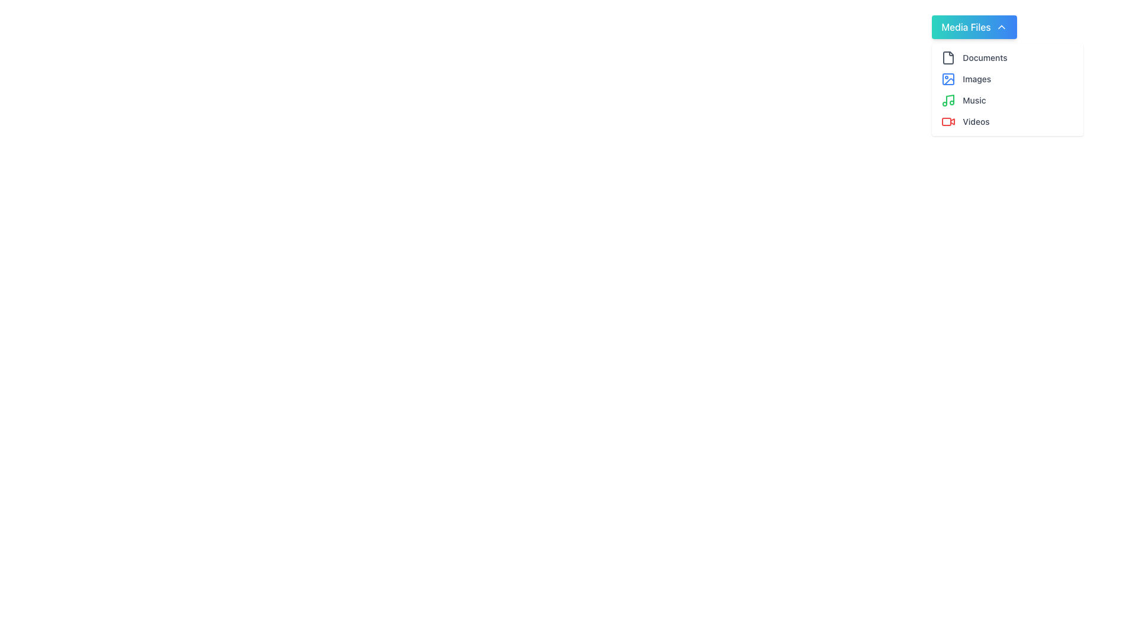 The height and width of the screenshot is (639, 1136). I want to click on the 'Videos' text label in the dropdown menu, which is styled in gray with a medium-weight font and positioned under the 'Music' label, so click(976, 121).